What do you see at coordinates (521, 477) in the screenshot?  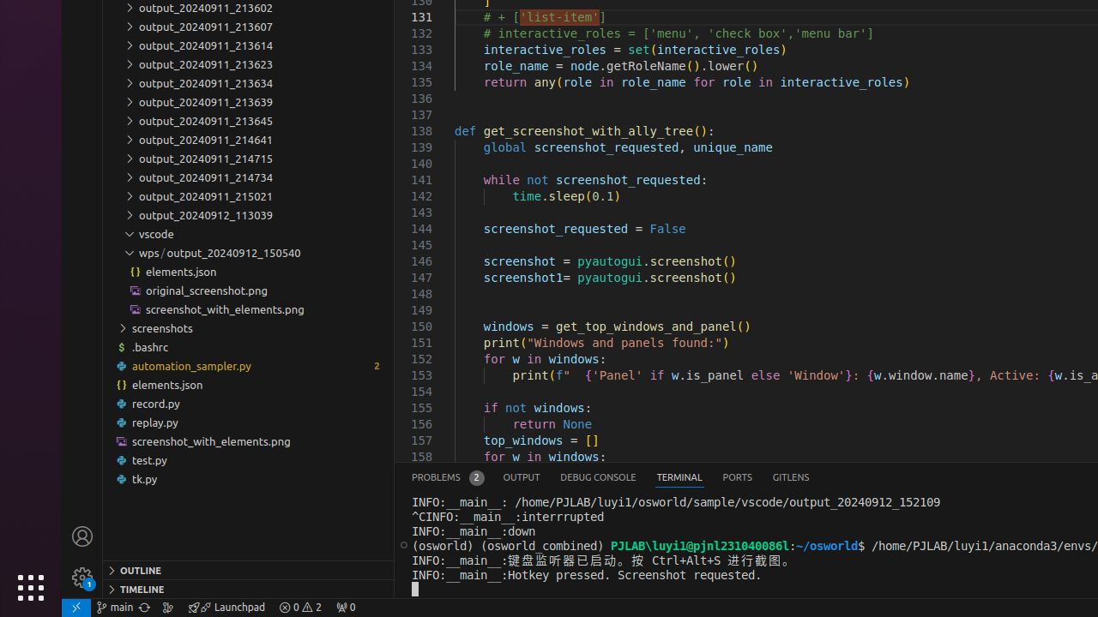 I see `'Output (Ctrl+K Ctrl+H)'` at bounding box center [521, 477].